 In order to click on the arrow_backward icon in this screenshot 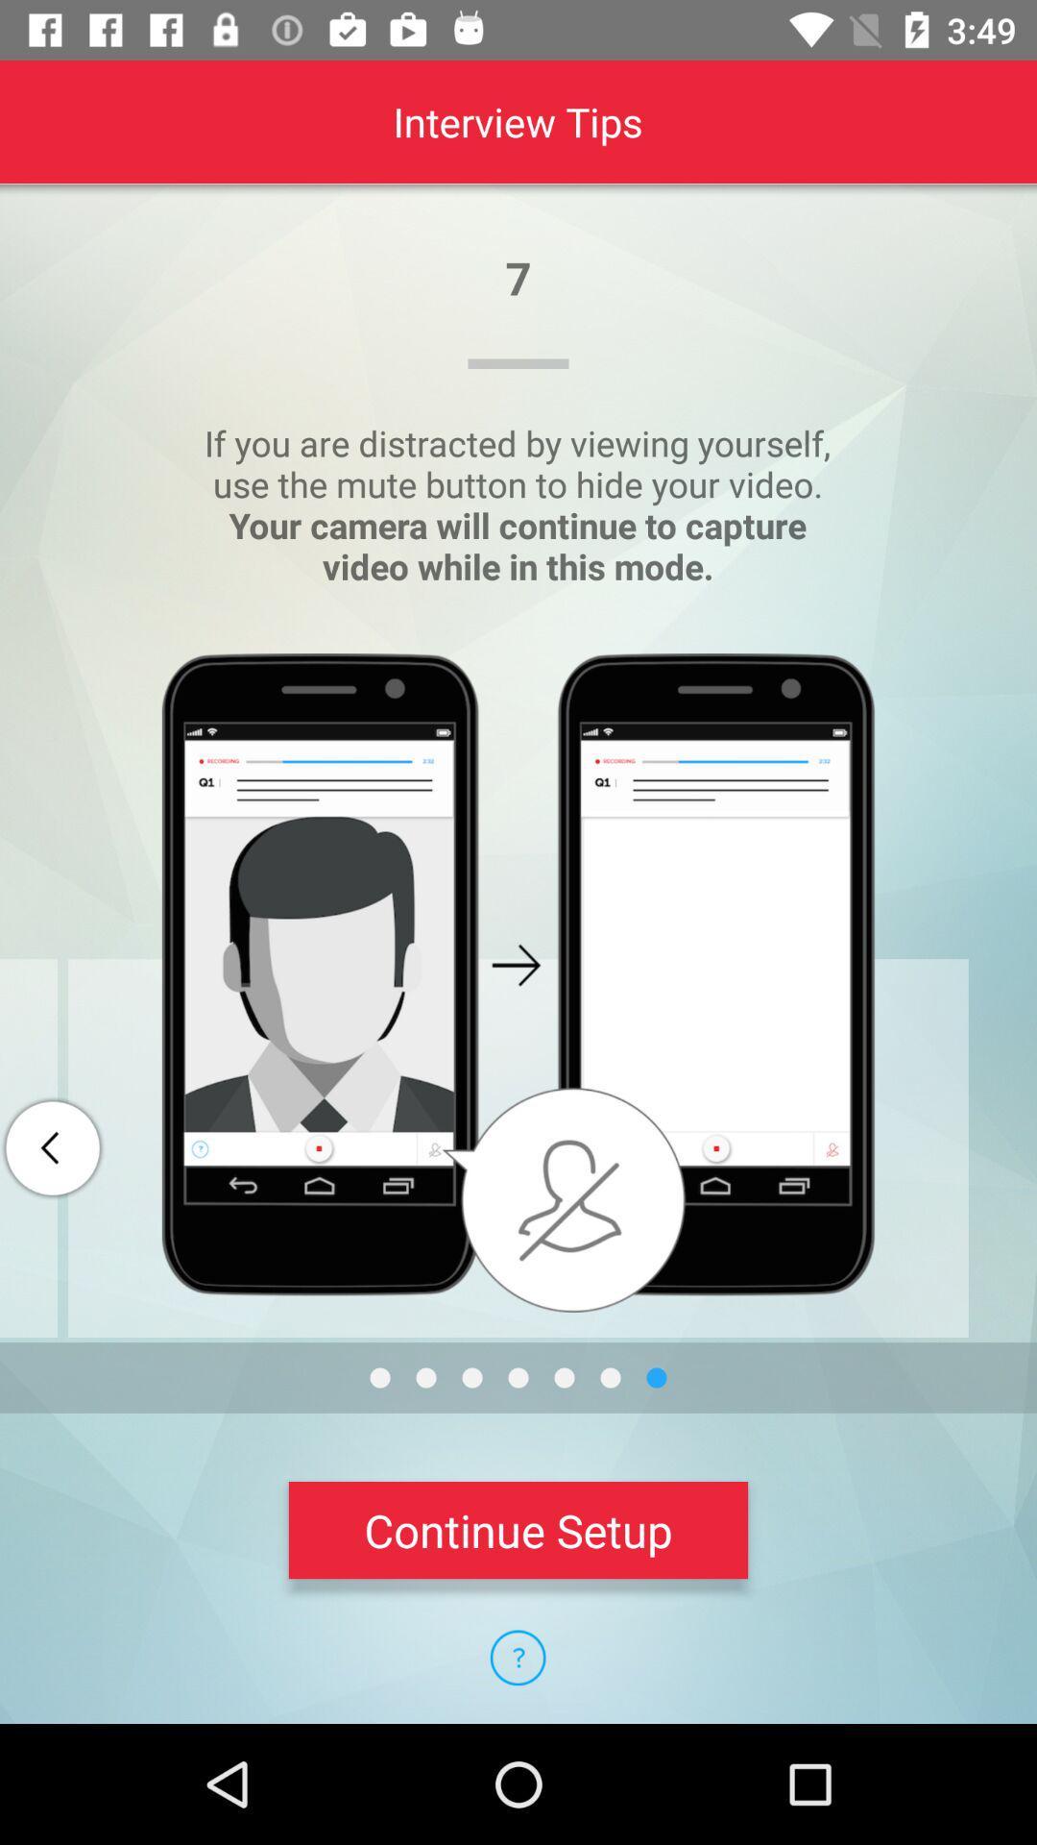, I will do `click(52, 1148)`.